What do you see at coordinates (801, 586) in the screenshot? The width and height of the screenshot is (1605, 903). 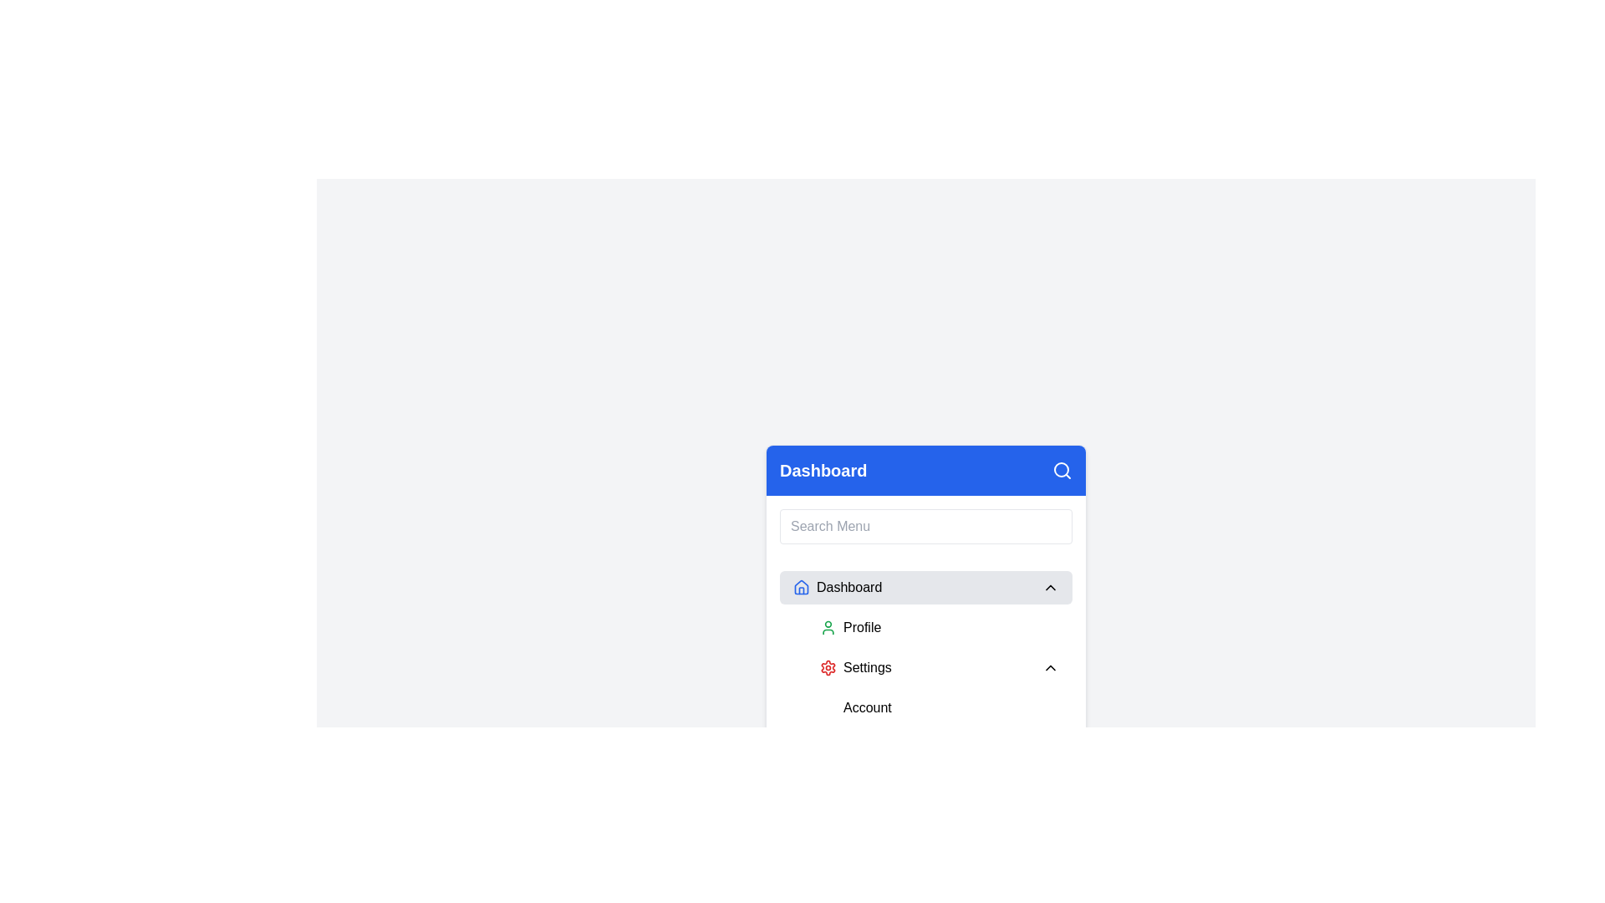 I see `the house icon with a blue outline located next to the text 'Dashboard' for navigation` at bounding box center [801, 586].